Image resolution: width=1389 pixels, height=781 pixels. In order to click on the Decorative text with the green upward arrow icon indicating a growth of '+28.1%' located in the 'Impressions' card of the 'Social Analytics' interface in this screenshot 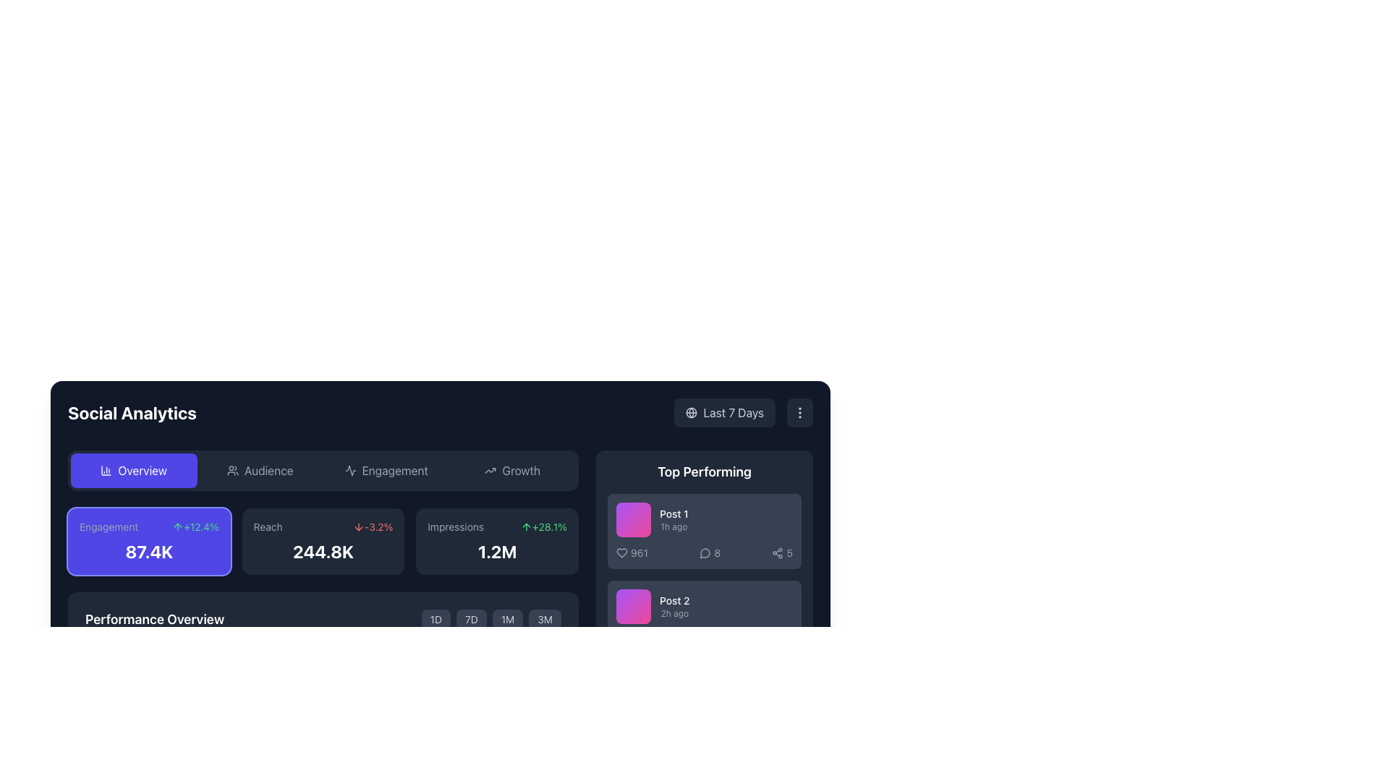, I will do `click(543, 527)`.